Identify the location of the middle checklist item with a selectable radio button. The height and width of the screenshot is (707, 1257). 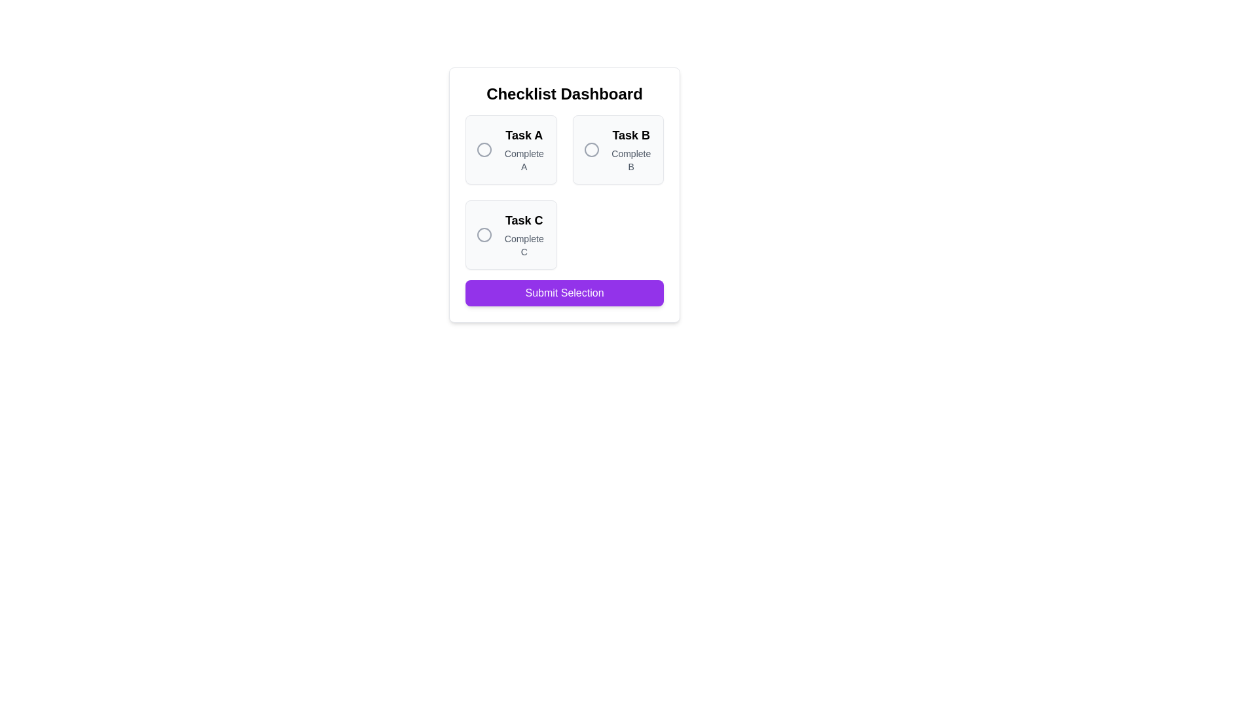
(617, 149).